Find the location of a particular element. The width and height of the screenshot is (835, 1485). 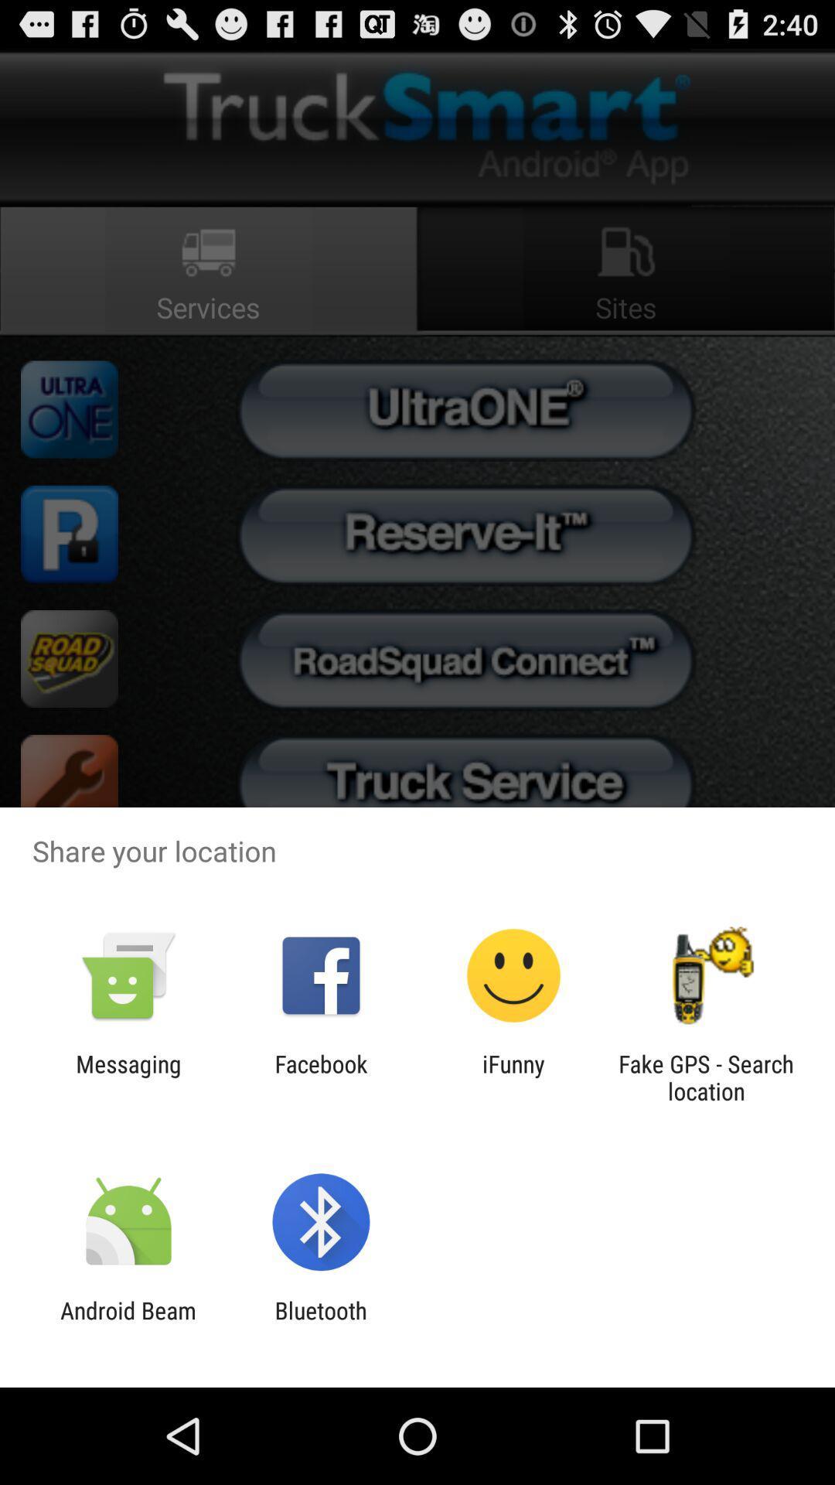

the facebook item is located at coordinates (320, 1077).